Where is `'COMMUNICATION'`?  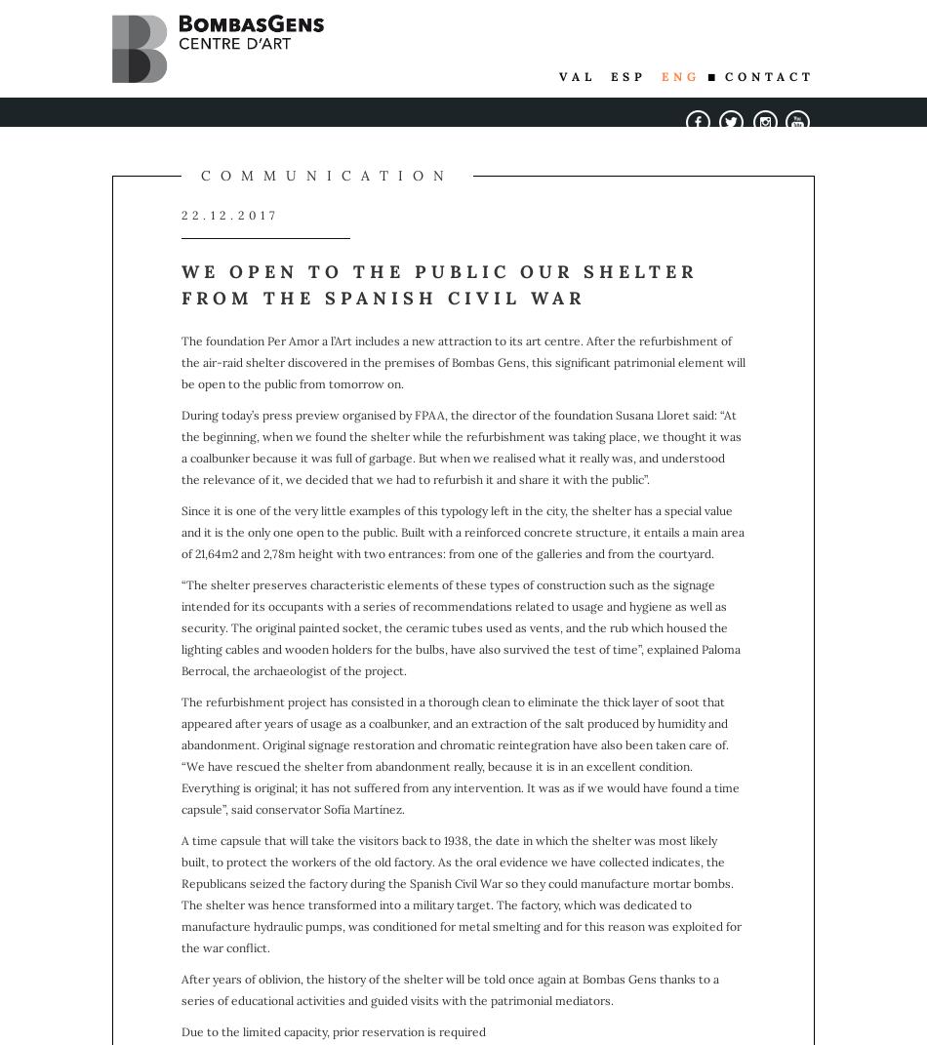 'COMMUNICATION' is located at coordinates (200, 175).